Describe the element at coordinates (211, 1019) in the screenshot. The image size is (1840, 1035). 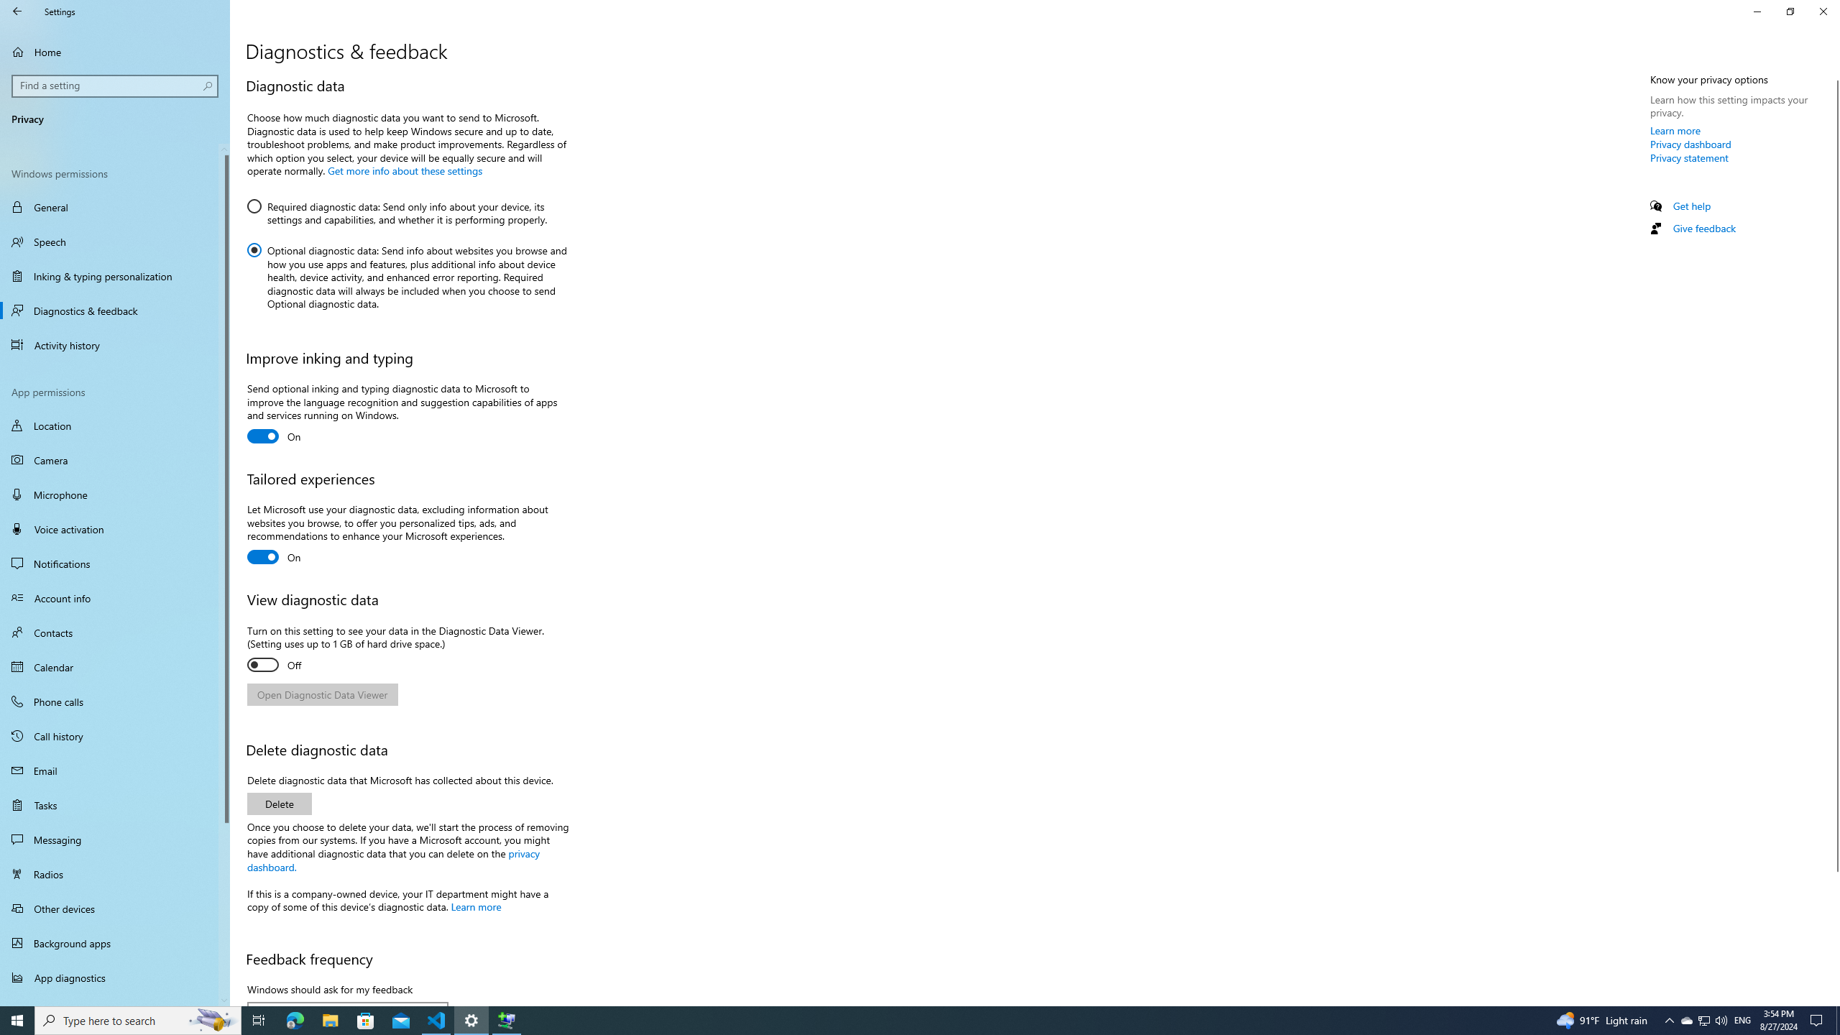
I see `'Search highlights icon opens search home window'` at that location.